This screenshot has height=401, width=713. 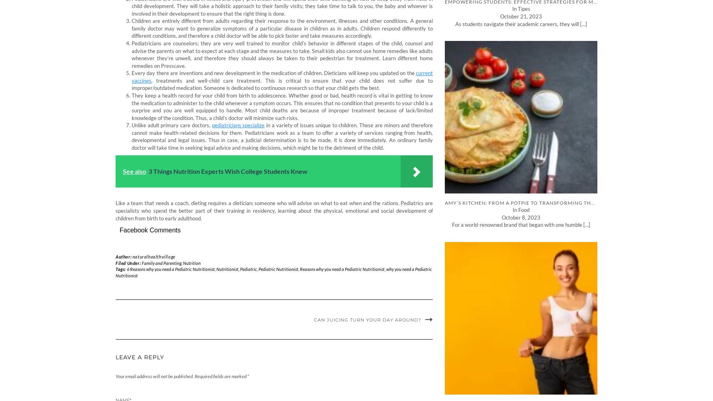 I want to click on 'Like a team that needs a coach, dieting requires a dietician; someone who will advise on what to eat when and the rations. Pediatrics are specialists who spend the better part of their training in residency, learning about the physical, emotional and social development of children from birth to early adulthood.', so click(x=274, y=210).